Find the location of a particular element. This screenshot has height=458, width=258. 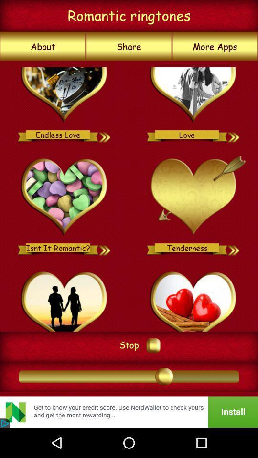

share item is located at coordinates (129, 46).